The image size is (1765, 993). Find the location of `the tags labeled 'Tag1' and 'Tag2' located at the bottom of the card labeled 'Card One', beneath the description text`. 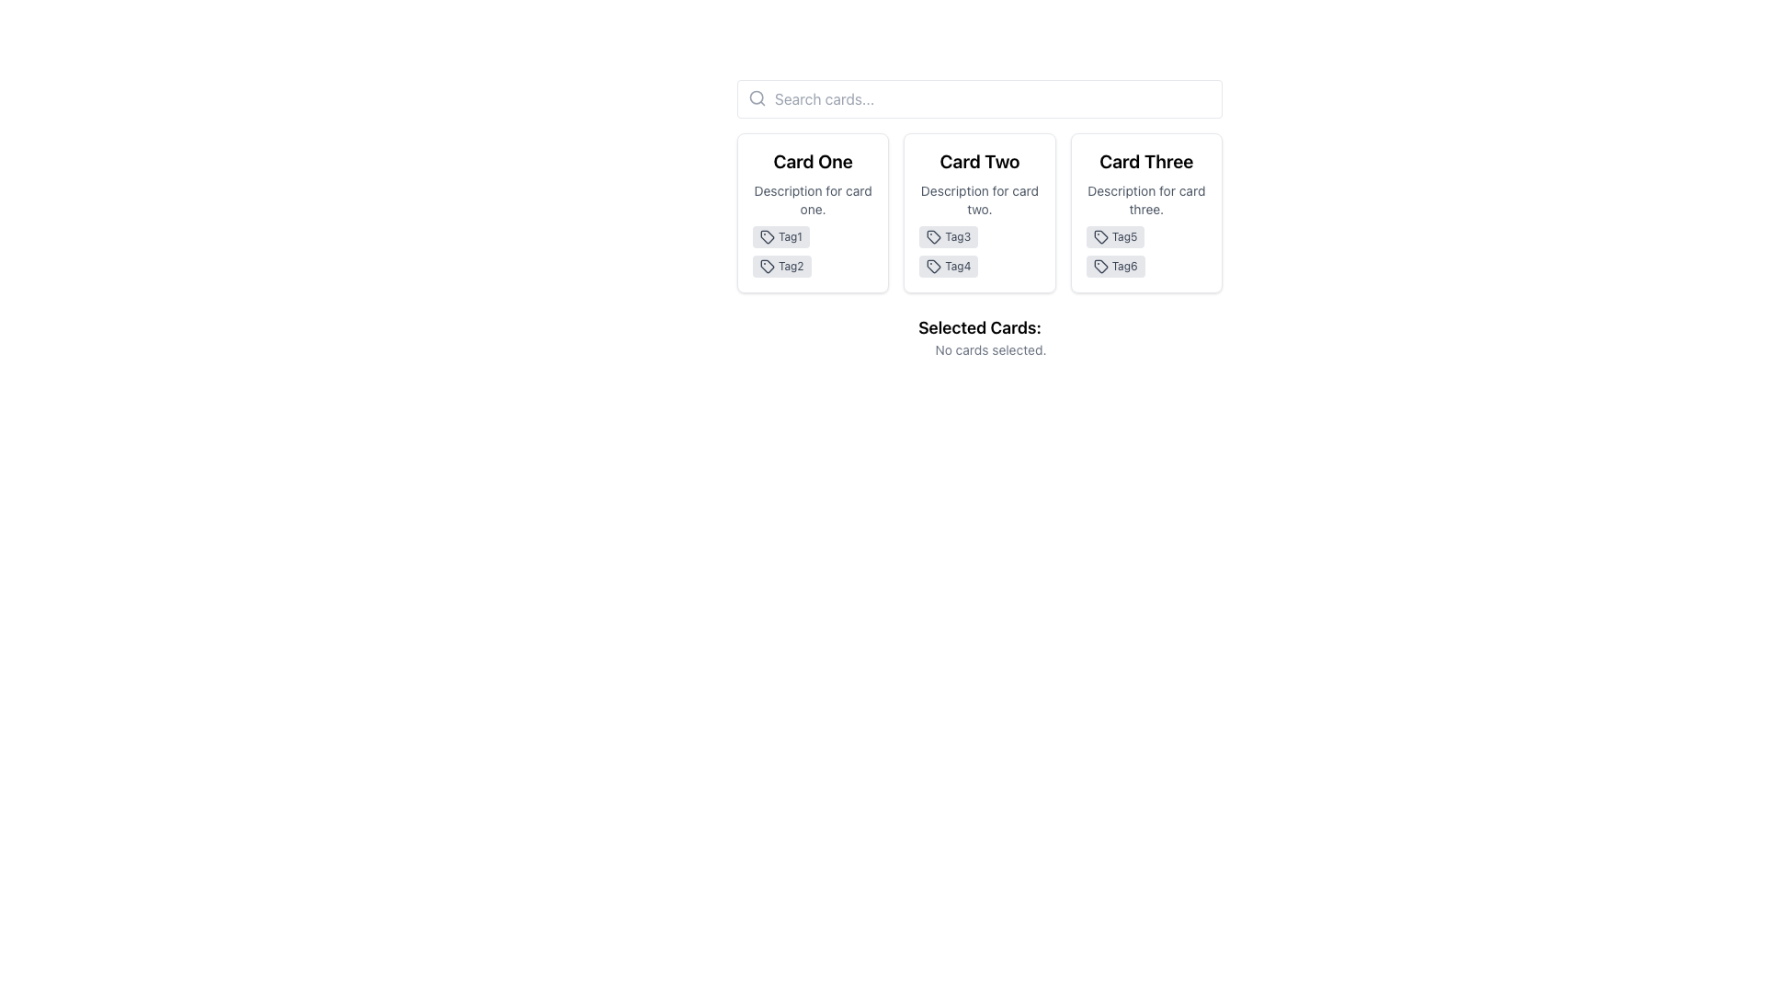

the tags labeled 'Tag1' and 'Tag2' located at the bottom of the card labeled 'Card One', beneath the description text is located at coordinates (812, 251).